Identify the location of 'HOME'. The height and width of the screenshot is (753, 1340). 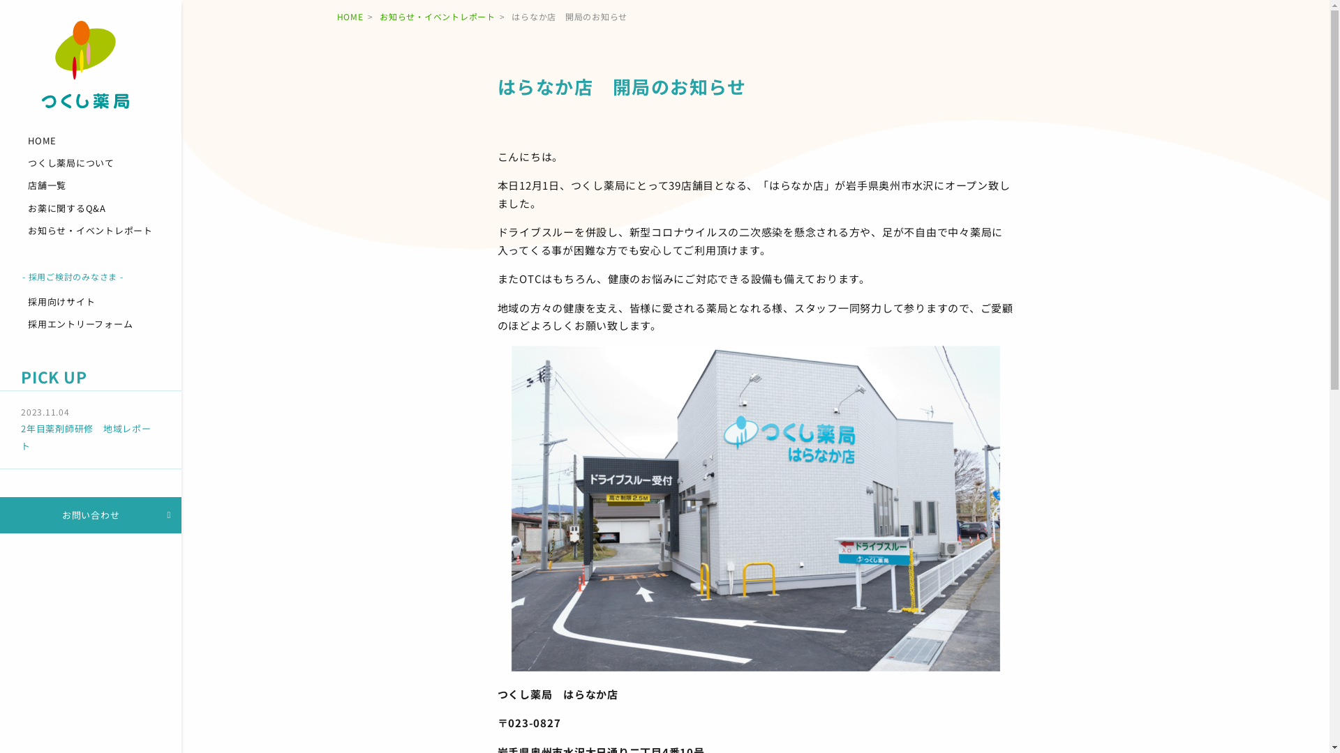
(349, 16).